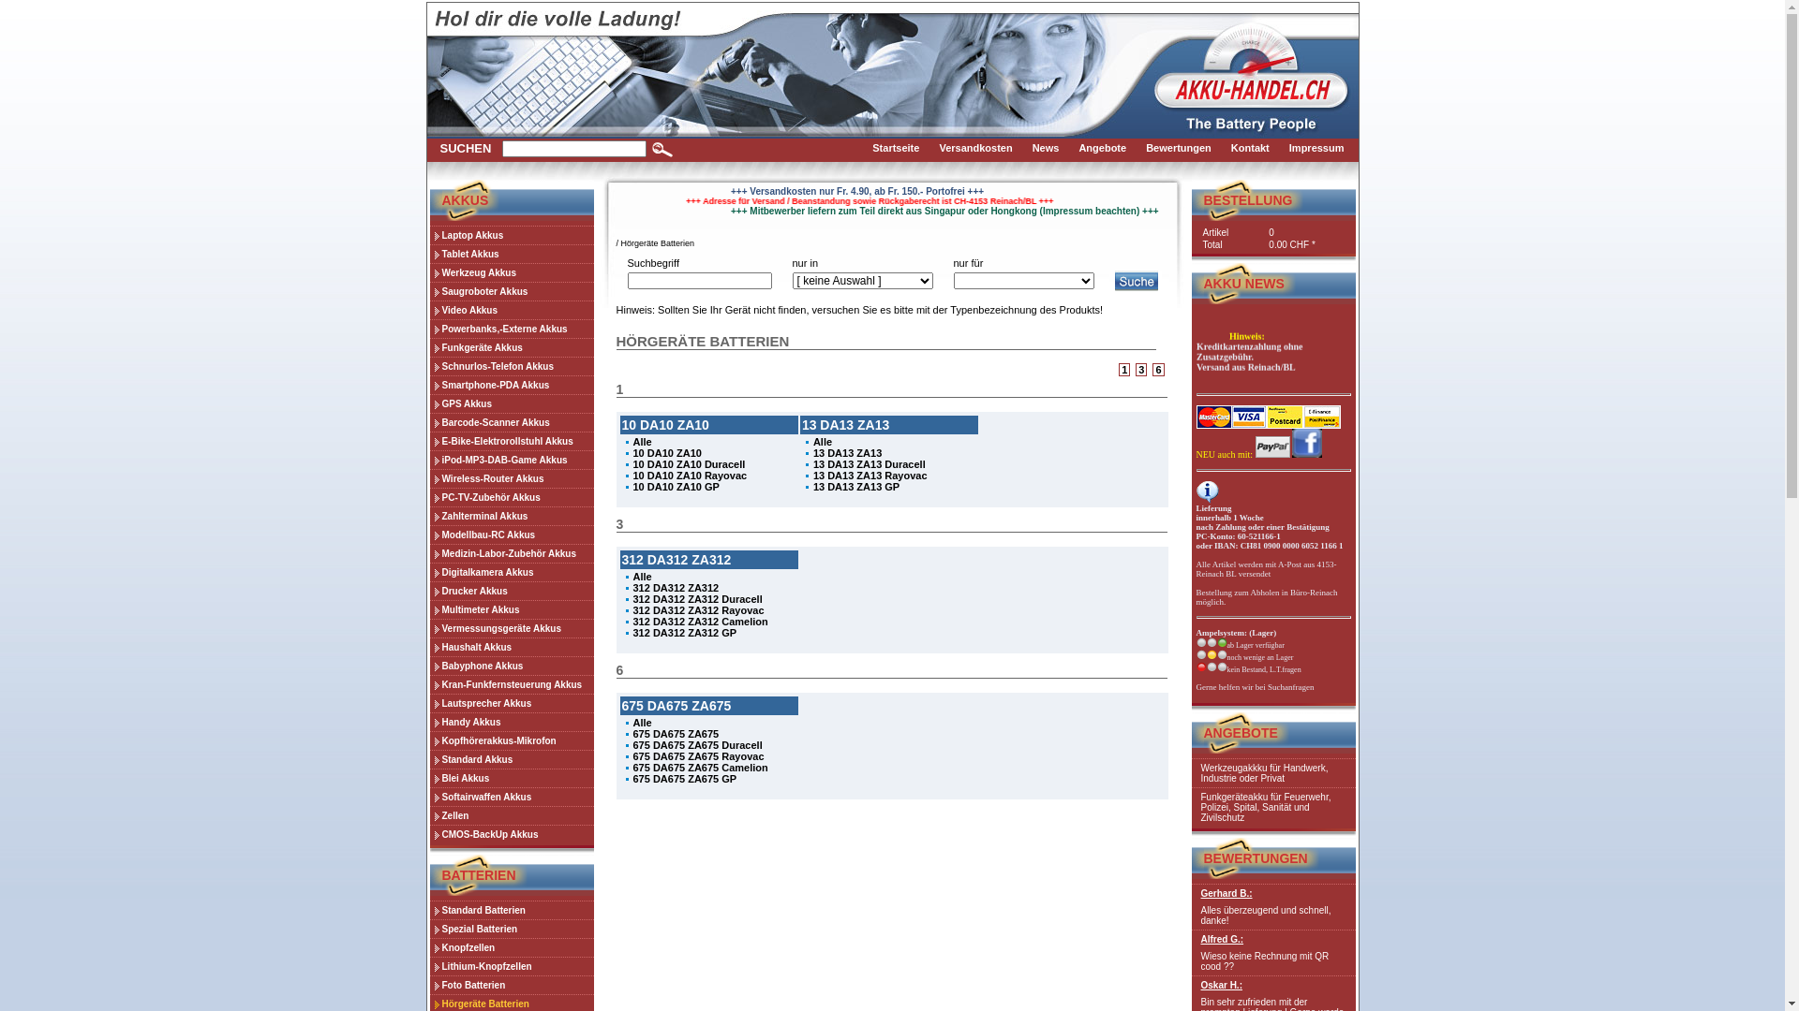 The width and height of the screenshot is (1799, 1011). What do you see at coordinates (427, 365) in the screenshot?
I see `'Schnurlos-Telefon Akkus'` at bounding box center [427, 365].